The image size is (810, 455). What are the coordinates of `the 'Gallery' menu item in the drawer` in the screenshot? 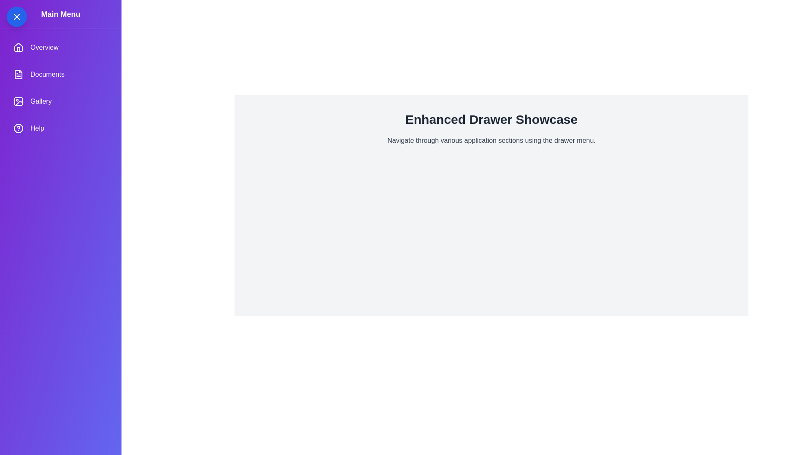 It's located at (60, 101).